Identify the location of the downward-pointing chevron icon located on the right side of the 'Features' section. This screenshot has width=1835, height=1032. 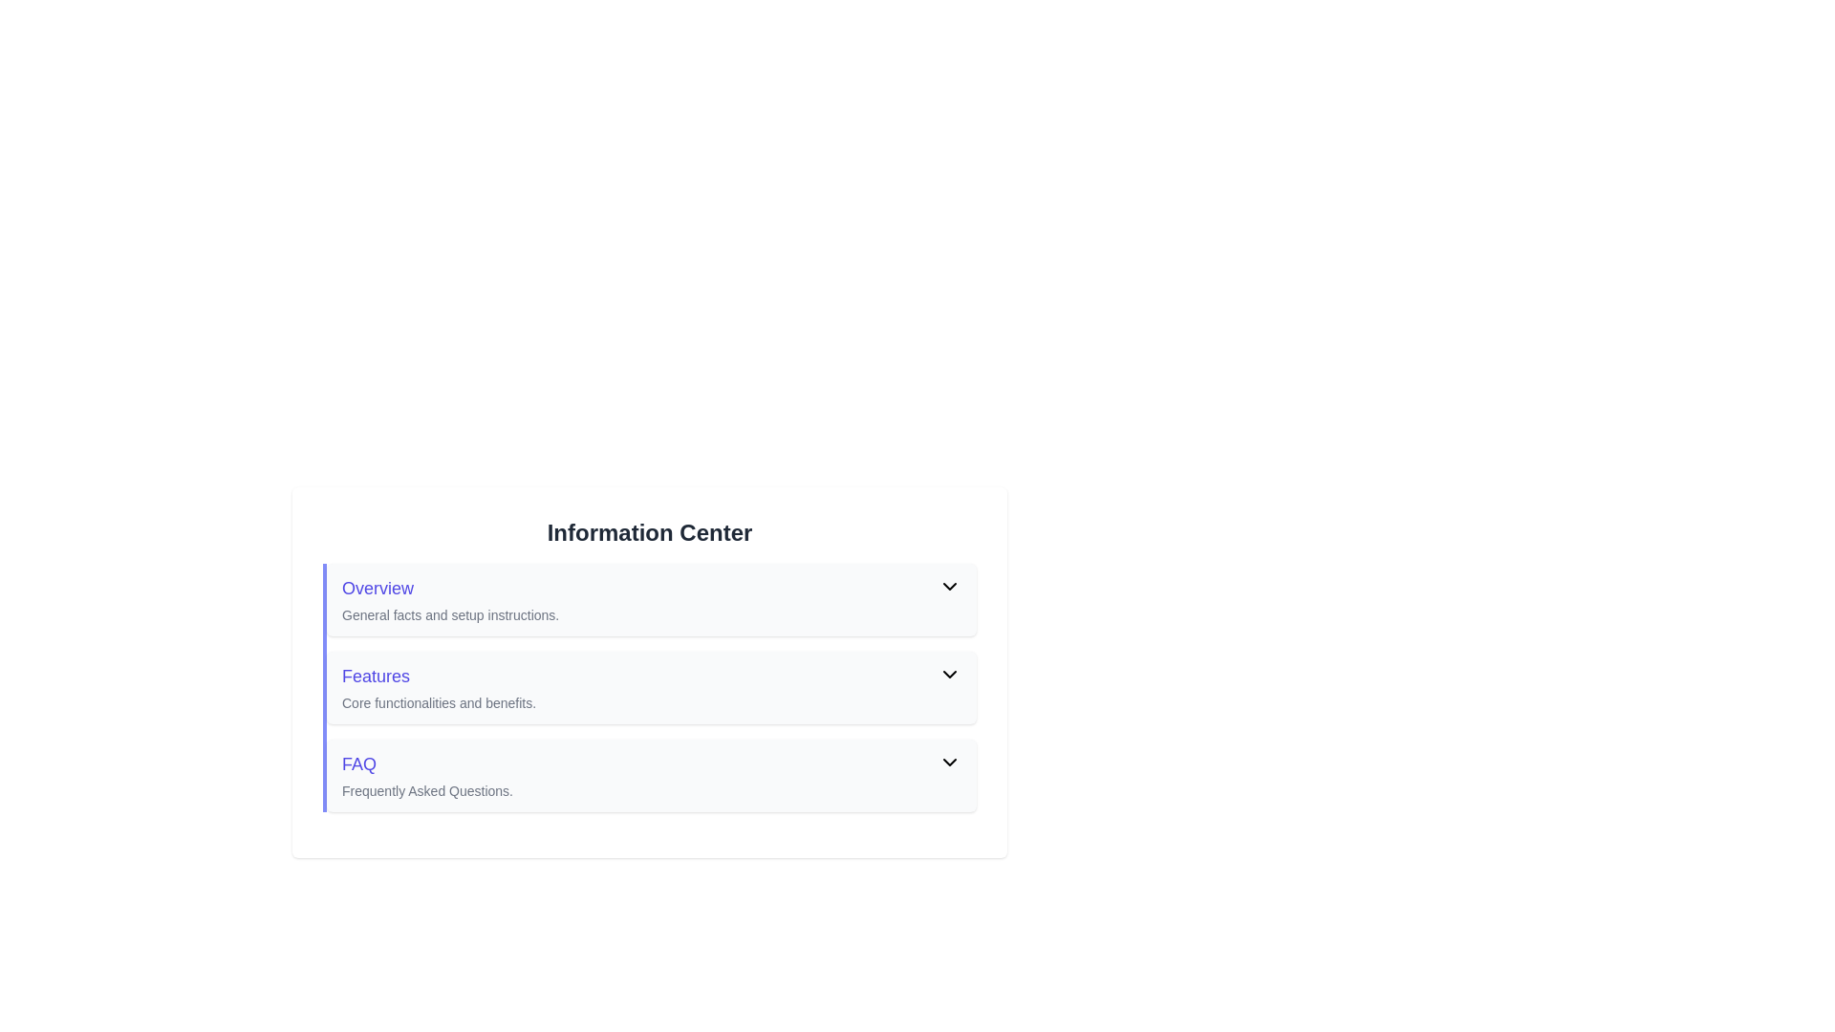
(949, 673).